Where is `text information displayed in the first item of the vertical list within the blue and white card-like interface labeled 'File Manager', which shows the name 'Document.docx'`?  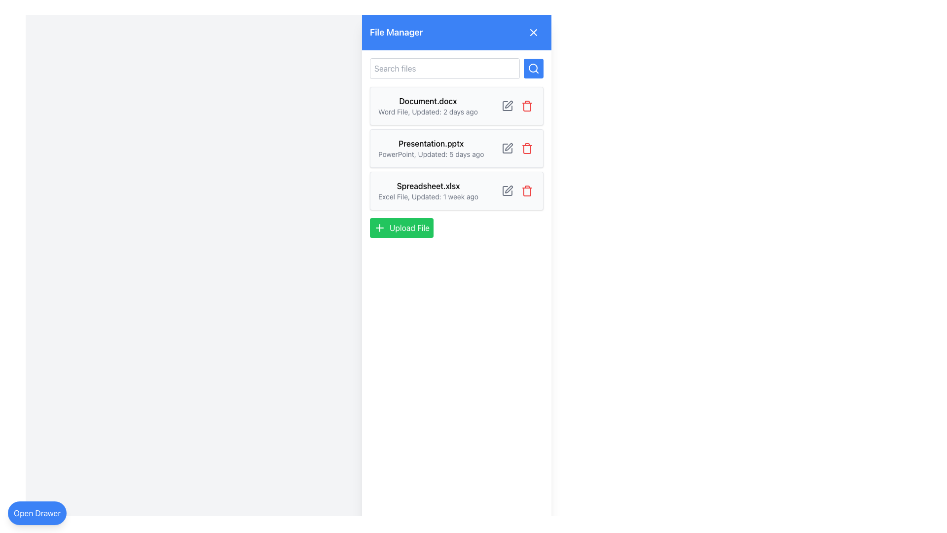 text information displayed in the first item of the vertical list within the blue and white card-like interface labeled 'File Manager', which shows the name 'Document.docx' is located at coordinates (428, 106).